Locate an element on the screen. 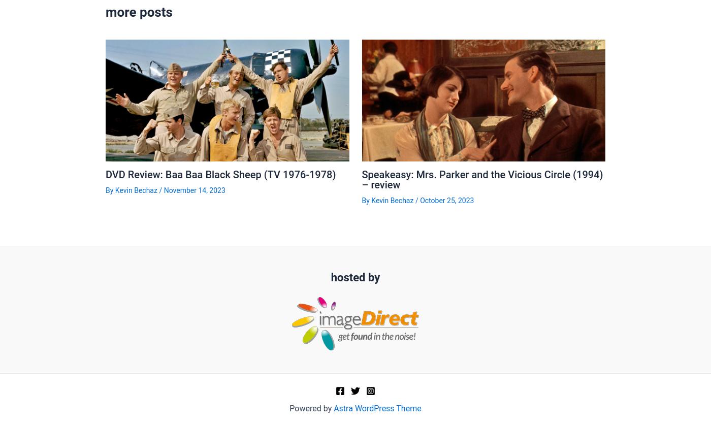 The image size is (711, 424). 'more posts' is located at coordinates (106, 12).